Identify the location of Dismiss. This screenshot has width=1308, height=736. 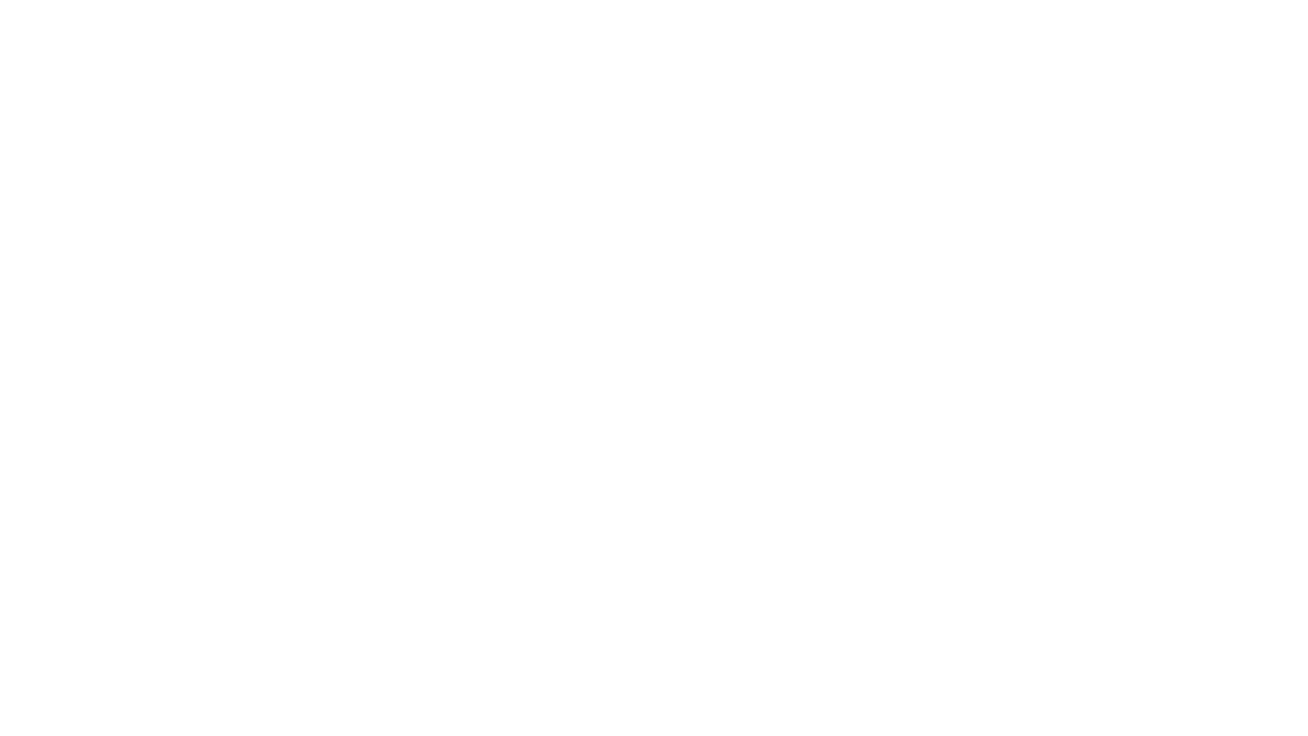
(356, 702).